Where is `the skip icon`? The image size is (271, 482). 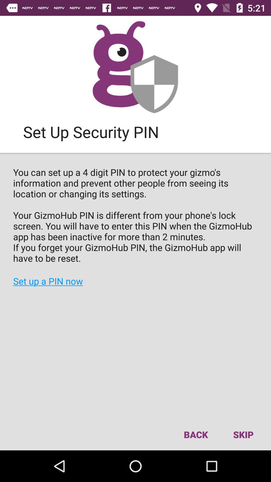 the skip icon is located at coordinates (243, 434).